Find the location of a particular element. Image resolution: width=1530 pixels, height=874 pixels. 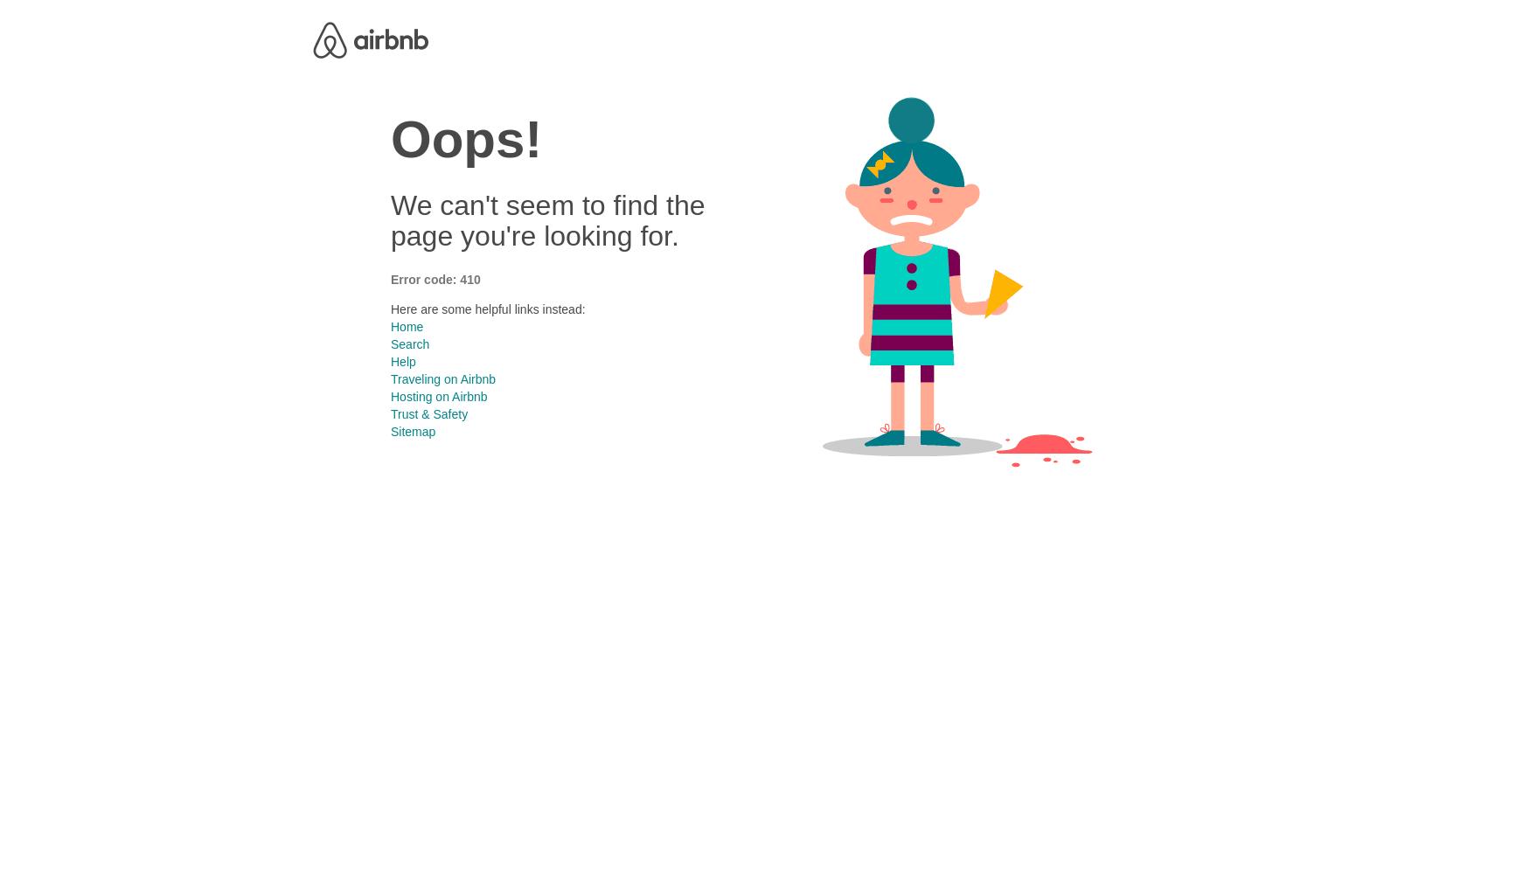

'Oops!' is located at coordinates (465, 139).